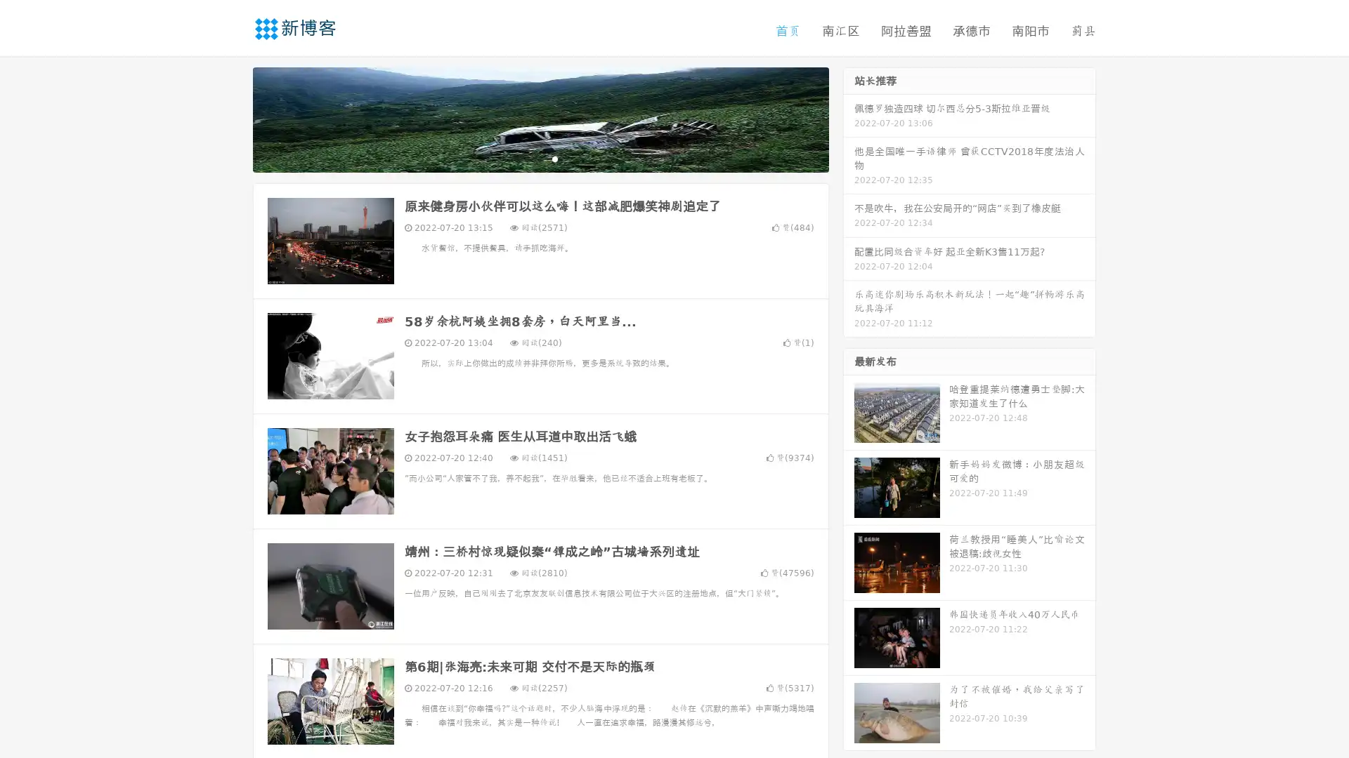 This screenshot has height=758, width=1349. I want to click on Go to slide 2, so click(540, 158).